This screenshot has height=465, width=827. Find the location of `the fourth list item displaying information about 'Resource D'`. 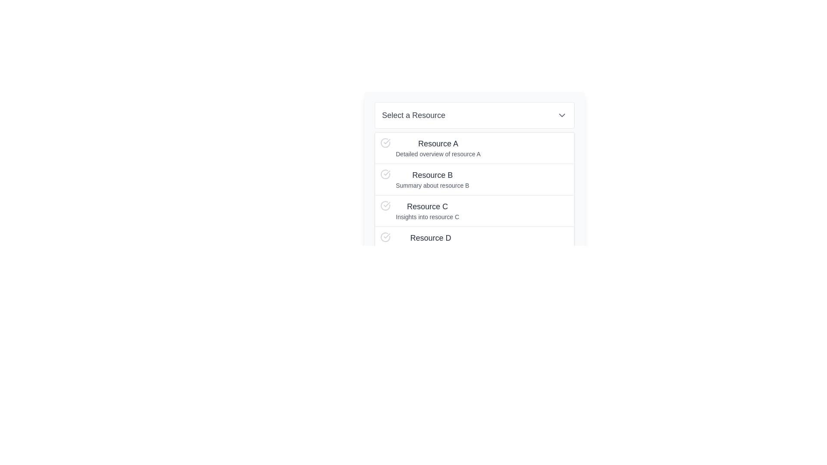

the fourth list item displaying information about 'Resource D' is located at coordinates (474, 242).